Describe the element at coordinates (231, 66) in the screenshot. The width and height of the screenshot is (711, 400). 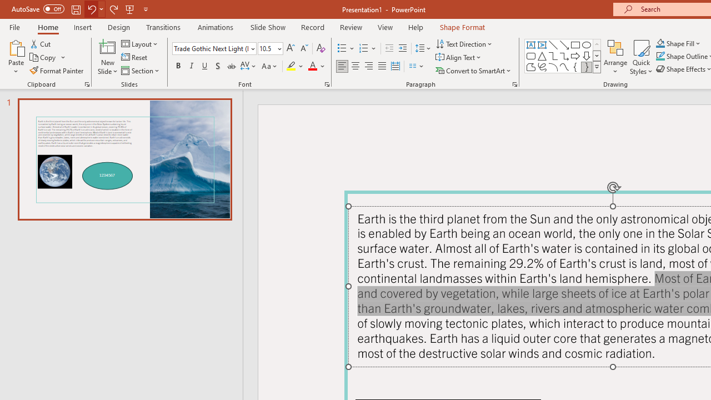
I see `'Strikethrough'` at that location.